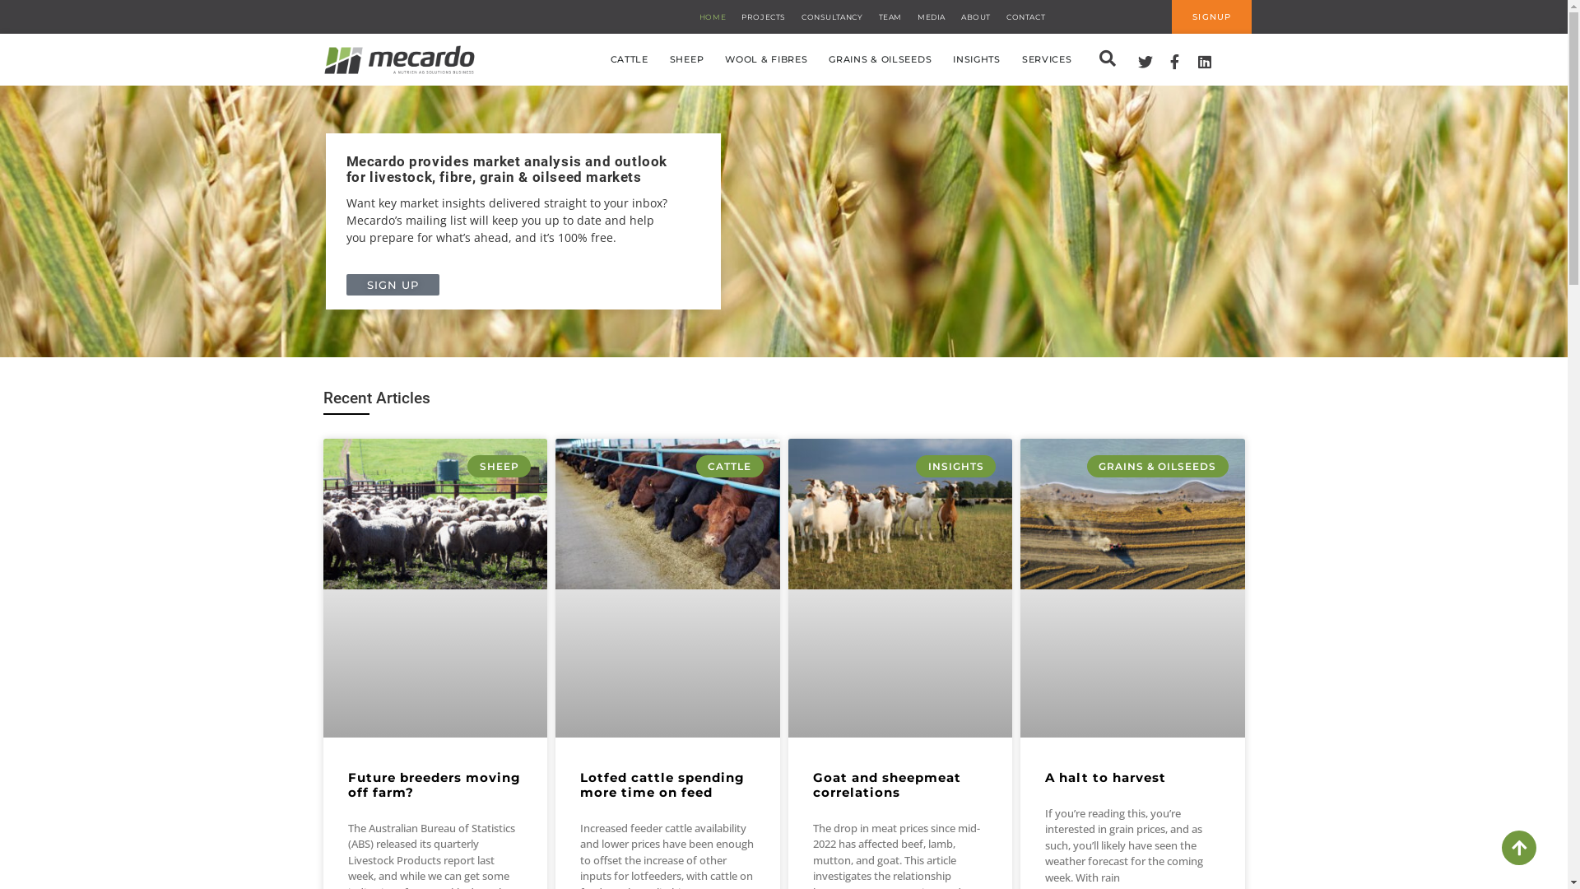 The image size is (1580, 889). Describe the element at coordinates (975, 16) in the screenshot. I see `'ABOUT'` at that location.